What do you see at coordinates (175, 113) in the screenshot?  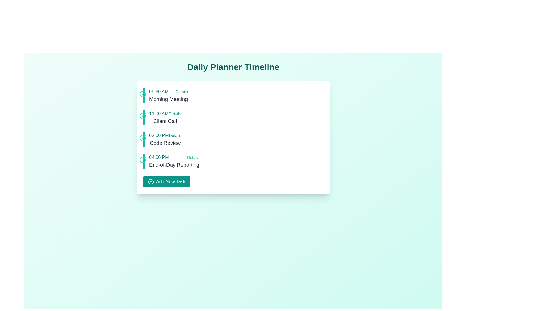 I see `the clickable text link labeled 'Details' which is displayed in teal color and is located next to the time '11:00 AM'` at bounding box center [175, 113].